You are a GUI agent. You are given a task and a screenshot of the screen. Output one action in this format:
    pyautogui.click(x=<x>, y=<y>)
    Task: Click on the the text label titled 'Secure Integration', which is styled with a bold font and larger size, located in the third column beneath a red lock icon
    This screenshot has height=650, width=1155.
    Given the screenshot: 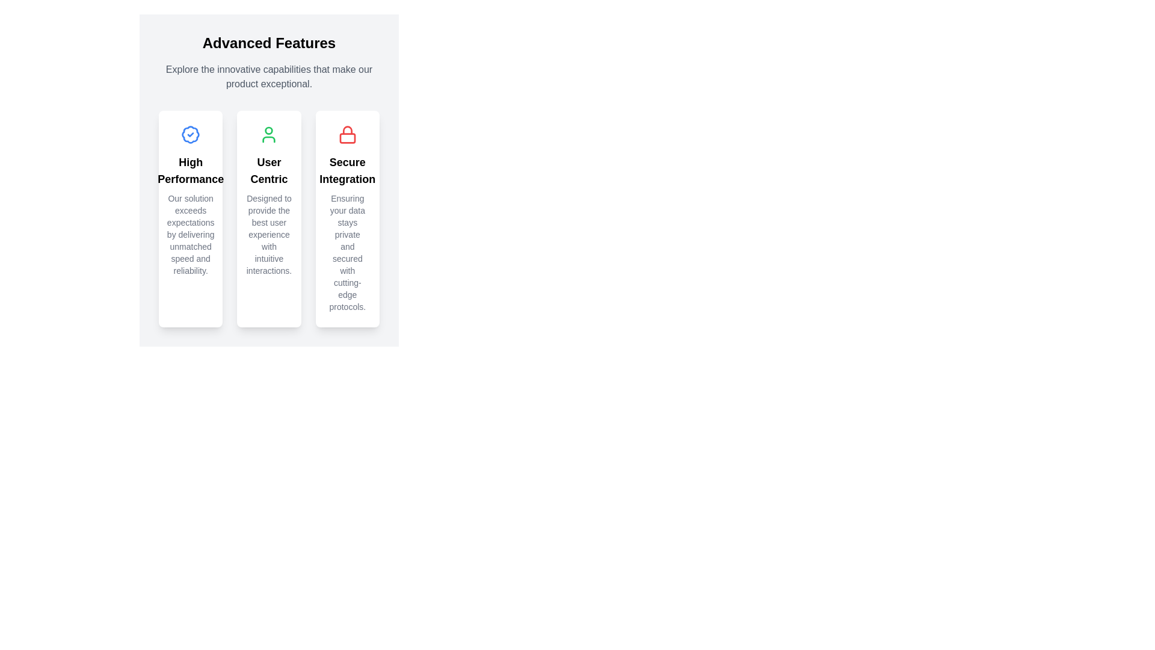 What is the action you would take?
    pyautogui.click(x=346, y=171)
    